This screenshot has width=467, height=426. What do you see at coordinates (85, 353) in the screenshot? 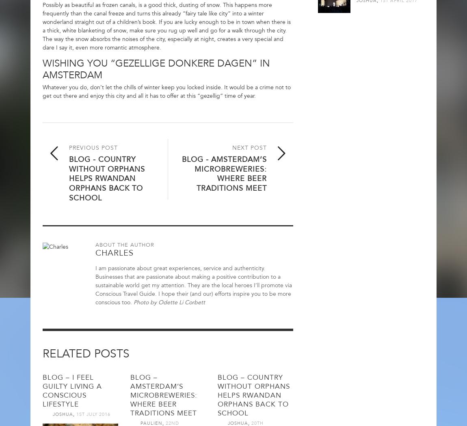
I see `'Related Posts'` at bounding box center [85, 353].